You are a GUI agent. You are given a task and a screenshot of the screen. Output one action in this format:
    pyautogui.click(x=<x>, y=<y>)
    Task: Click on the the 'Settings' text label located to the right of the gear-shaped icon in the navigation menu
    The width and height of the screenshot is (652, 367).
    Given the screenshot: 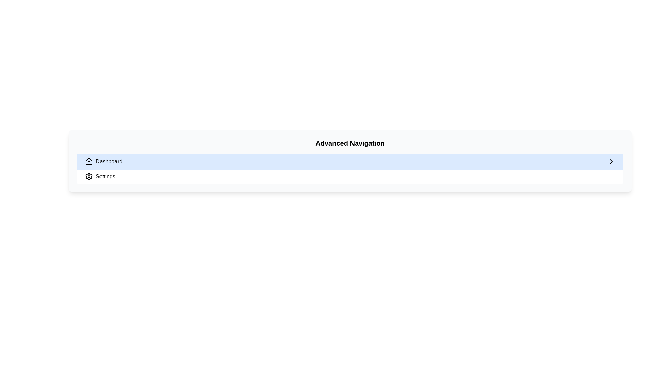 What is the action you would take?
    pyautogui.click(x=105, y=176)
    